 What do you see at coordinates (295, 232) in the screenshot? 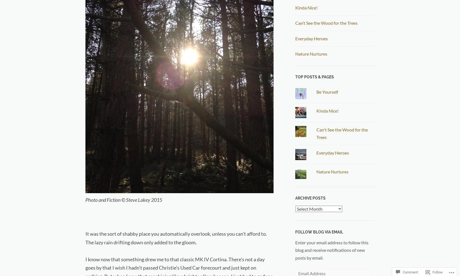
I see `'Follow Blog via Email'` at bounding box center [295, 232].